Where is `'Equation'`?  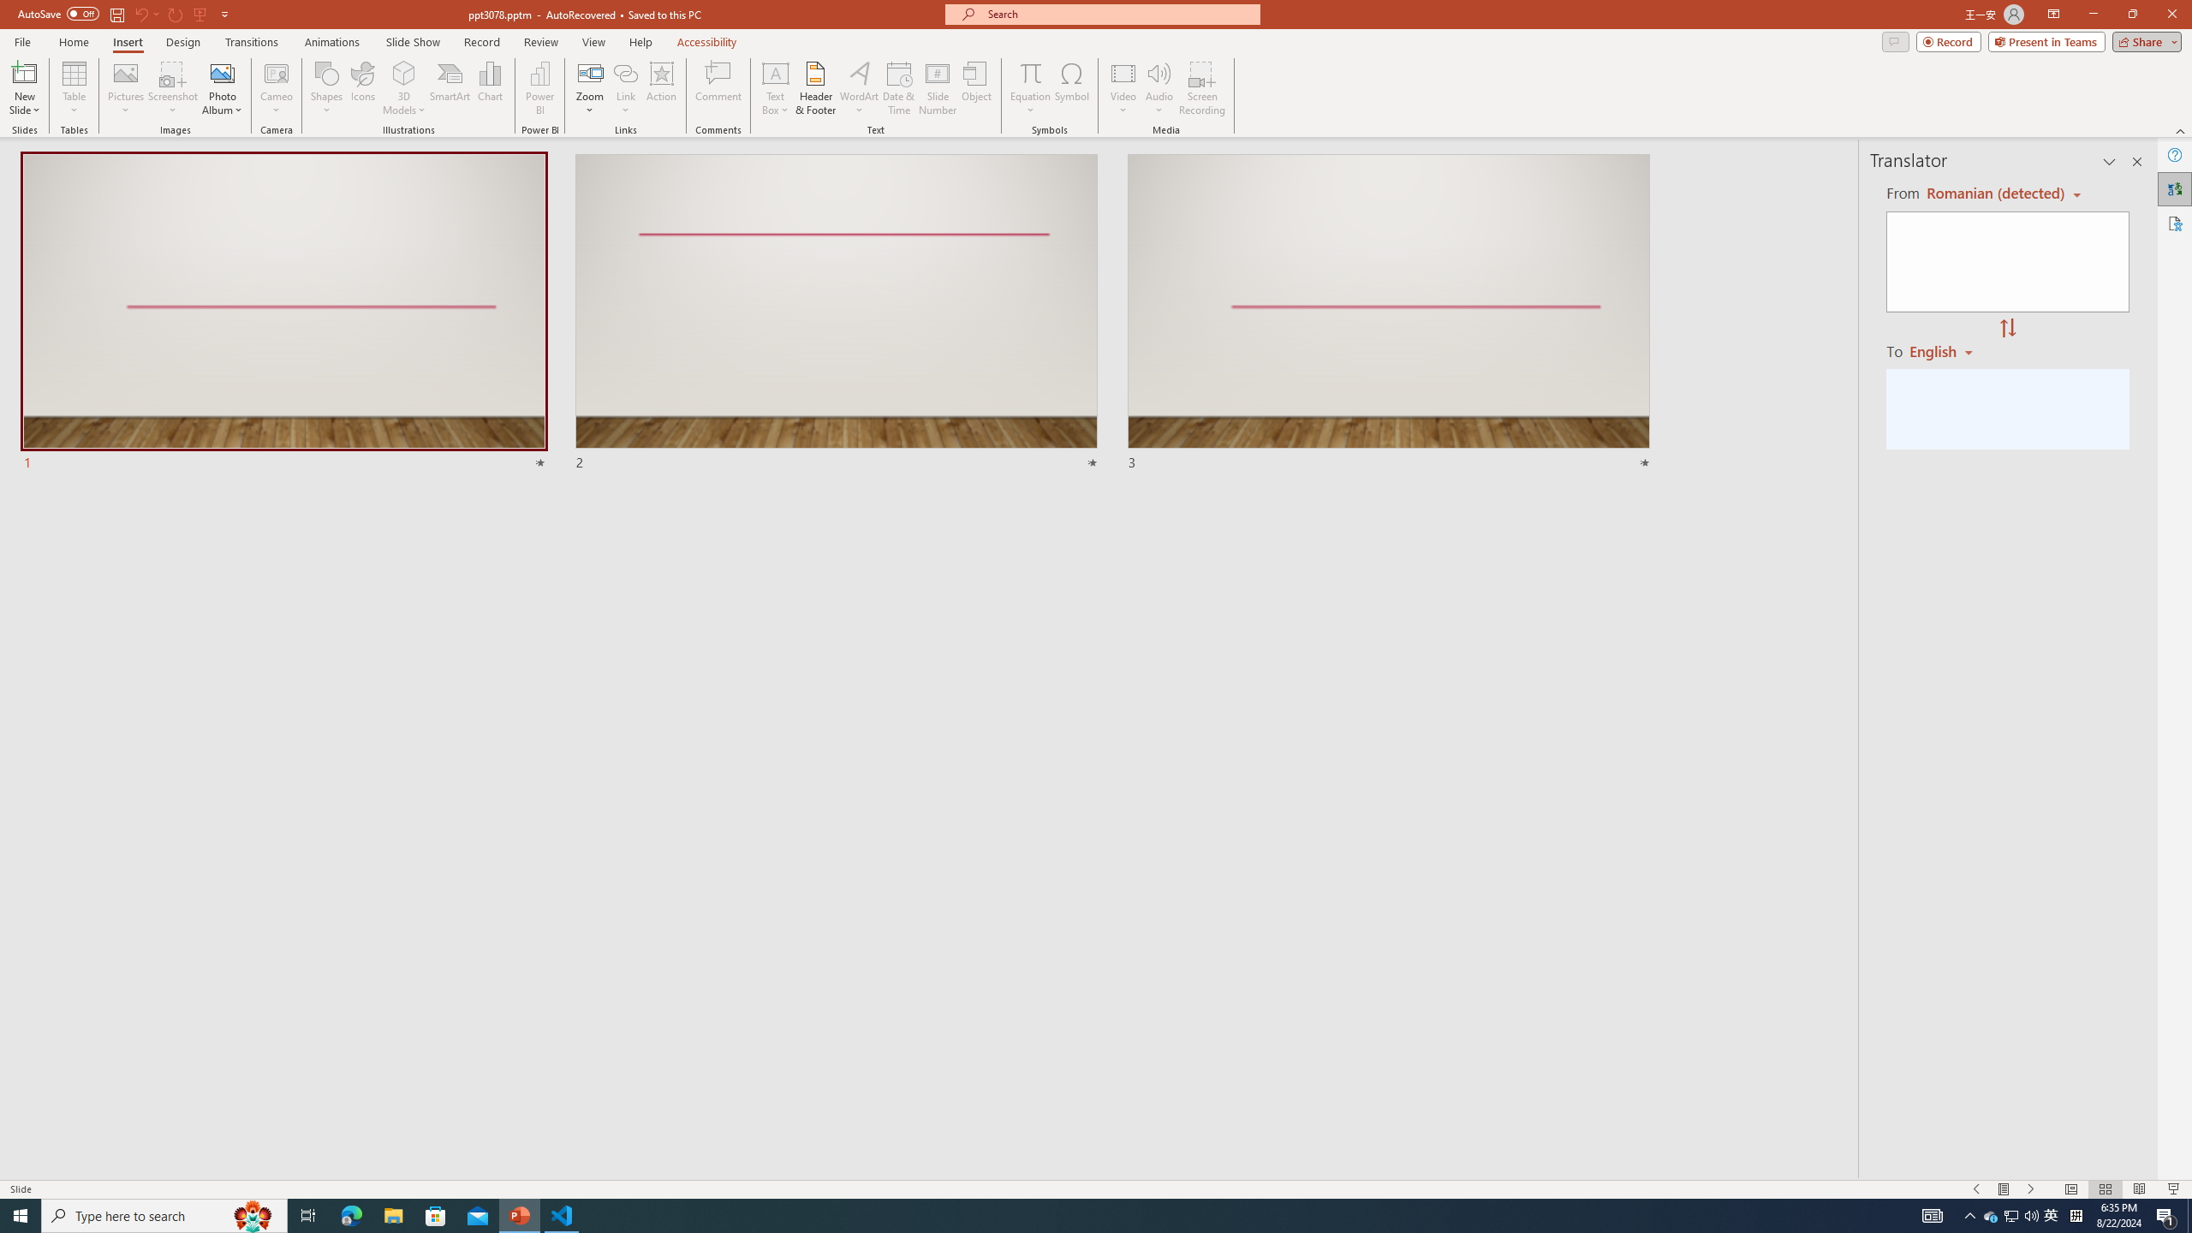
'Equation' is located at coordinates (1029, 88).